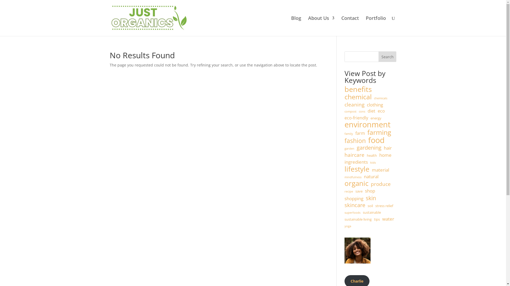  Describe the element at coordinates (355, 205) in the screenshot. I see `'skincare'` at that location.